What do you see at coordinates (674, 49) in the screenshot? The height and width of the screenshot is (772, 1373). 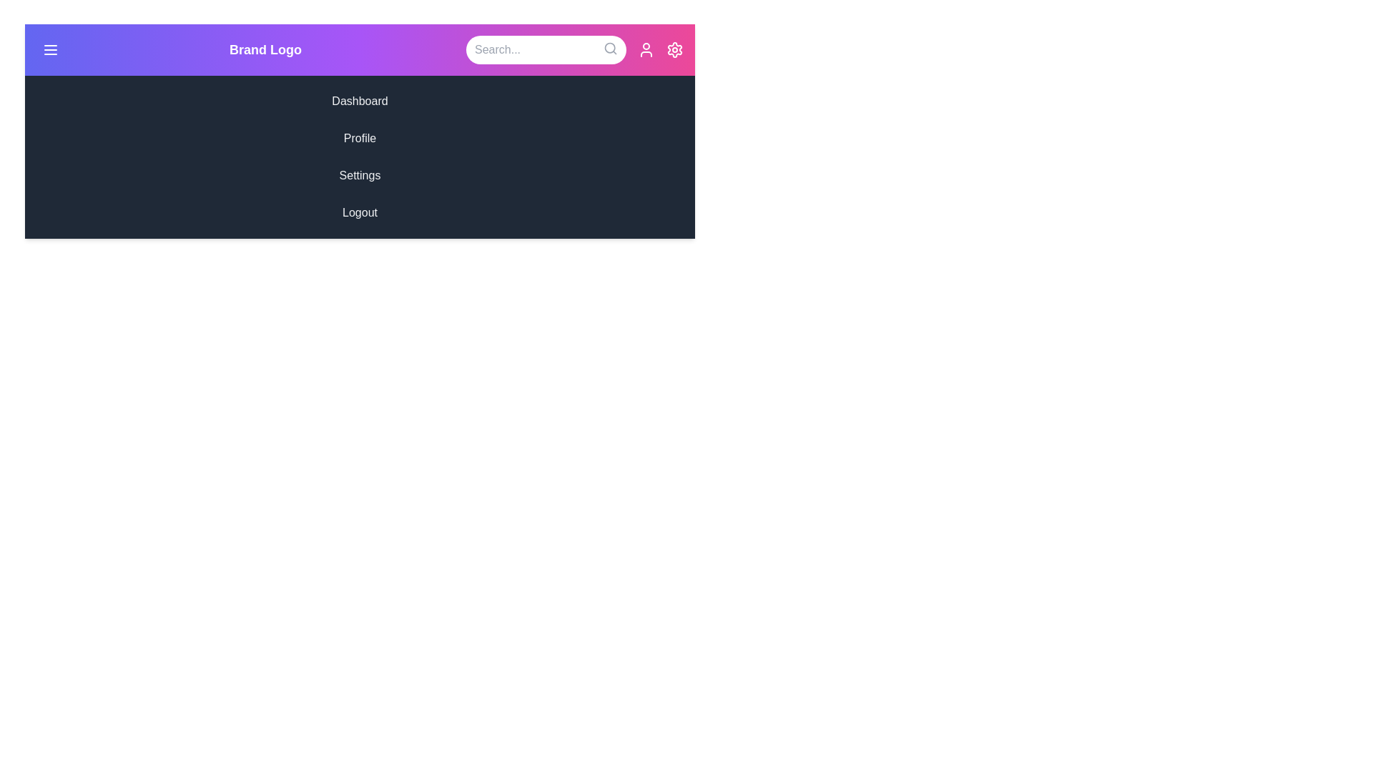 I see `the settings icon in the StylishAppBar` at bounding box center [674, 49].